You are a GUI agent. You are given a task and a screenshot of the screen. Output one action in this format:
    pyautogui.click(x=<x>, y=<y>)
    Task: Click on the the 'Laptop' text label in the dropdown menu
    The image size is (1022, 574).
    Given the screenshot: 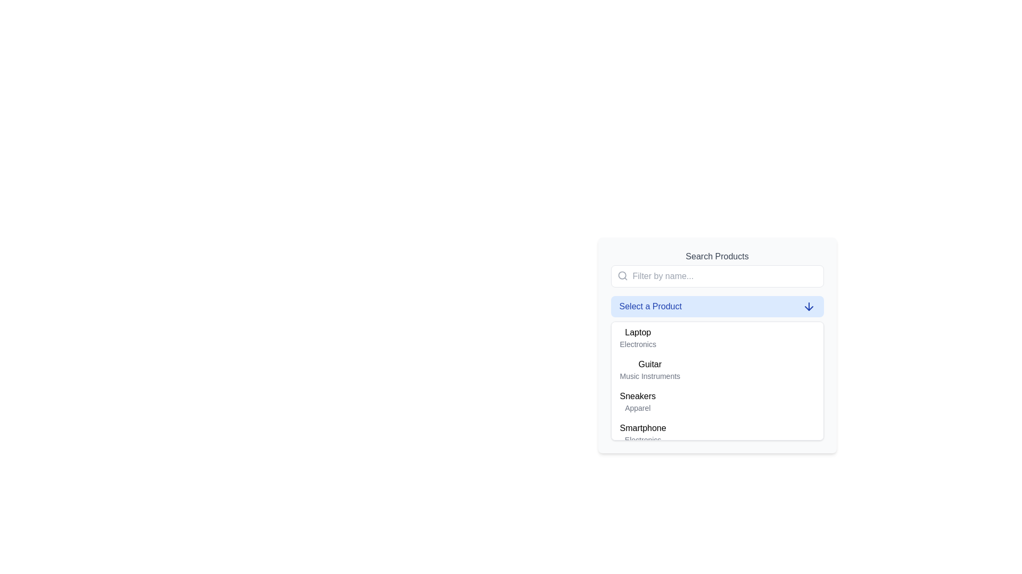 What is the action you would take?
    pyautogui.click(x=638, y=338)
    